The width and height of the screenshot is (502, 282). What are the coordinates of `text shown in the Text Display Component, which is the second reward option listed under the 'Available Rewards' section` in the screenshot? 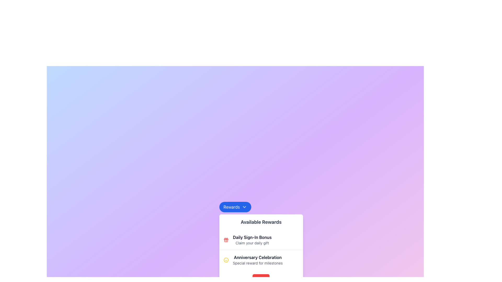 It's located at (258, 260).